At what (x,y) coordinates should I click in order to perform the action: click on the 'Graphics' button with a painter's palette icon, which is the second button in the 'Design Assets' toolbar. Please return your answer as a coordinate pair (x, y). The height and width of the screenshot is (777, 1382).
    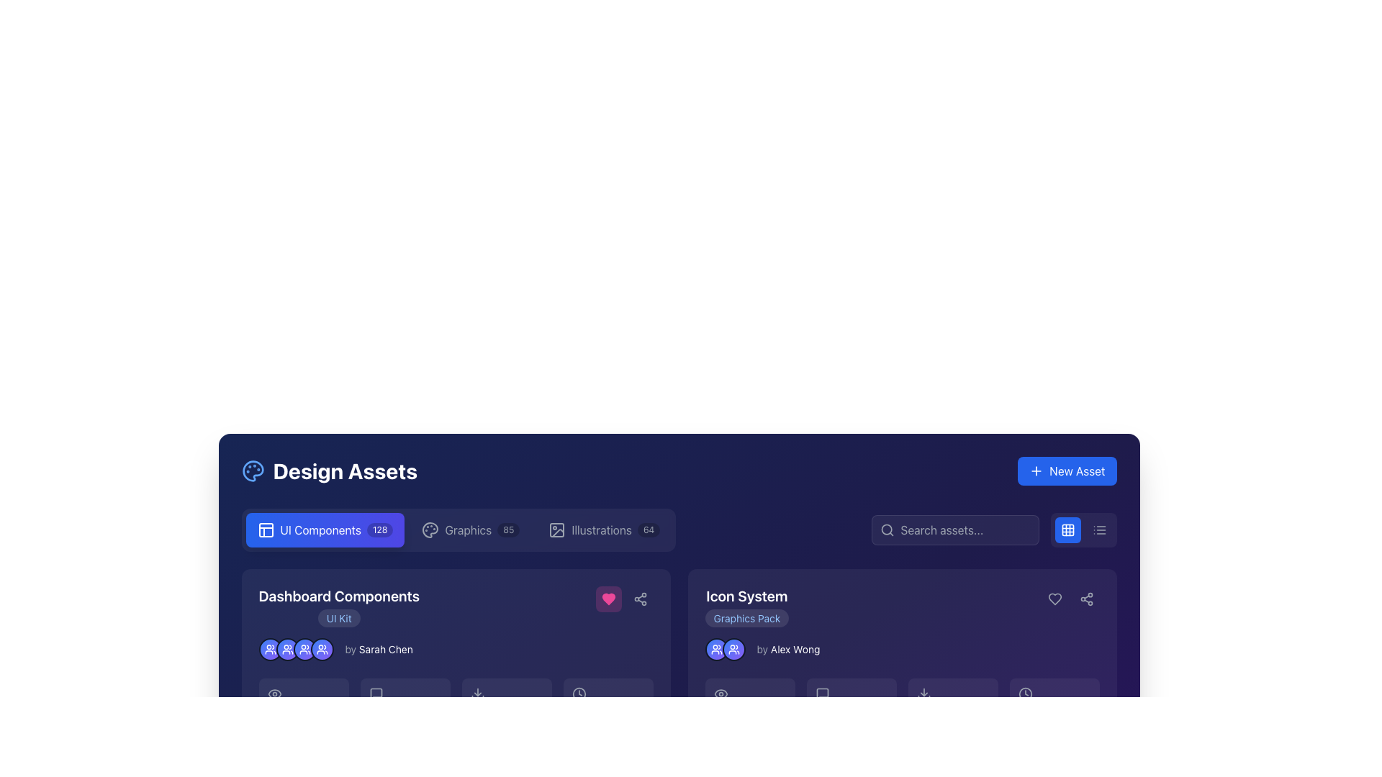
    Looking at the image, I should click on (471, 530).